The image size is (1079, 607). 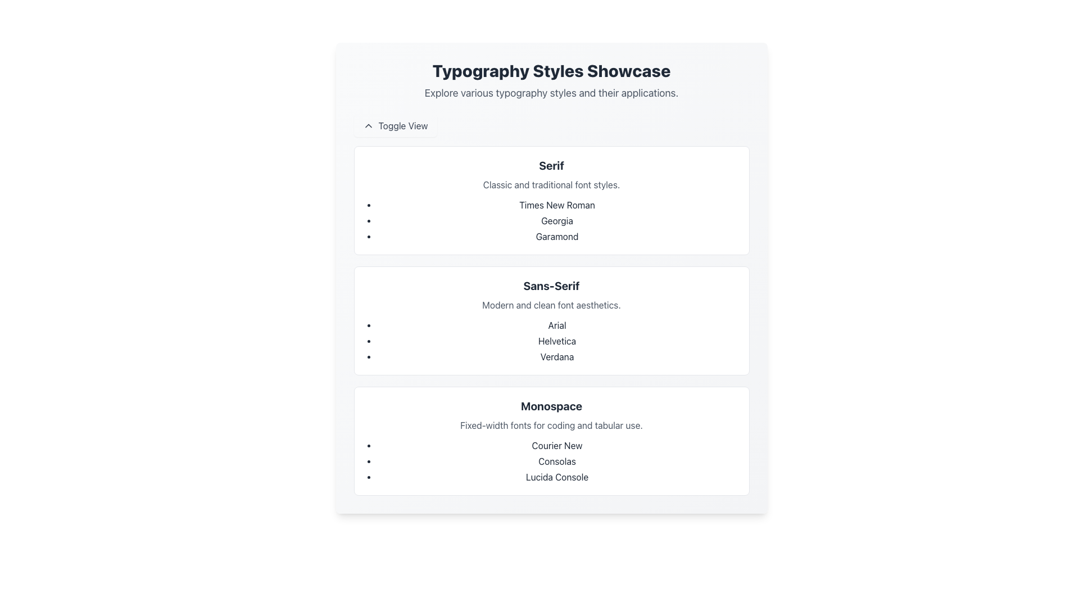 I want to click on the non-interactive static list item displaying the 'Verdana' font name, which is the third item under the 'Sans-Serif' header, so click(x=557, y=357).